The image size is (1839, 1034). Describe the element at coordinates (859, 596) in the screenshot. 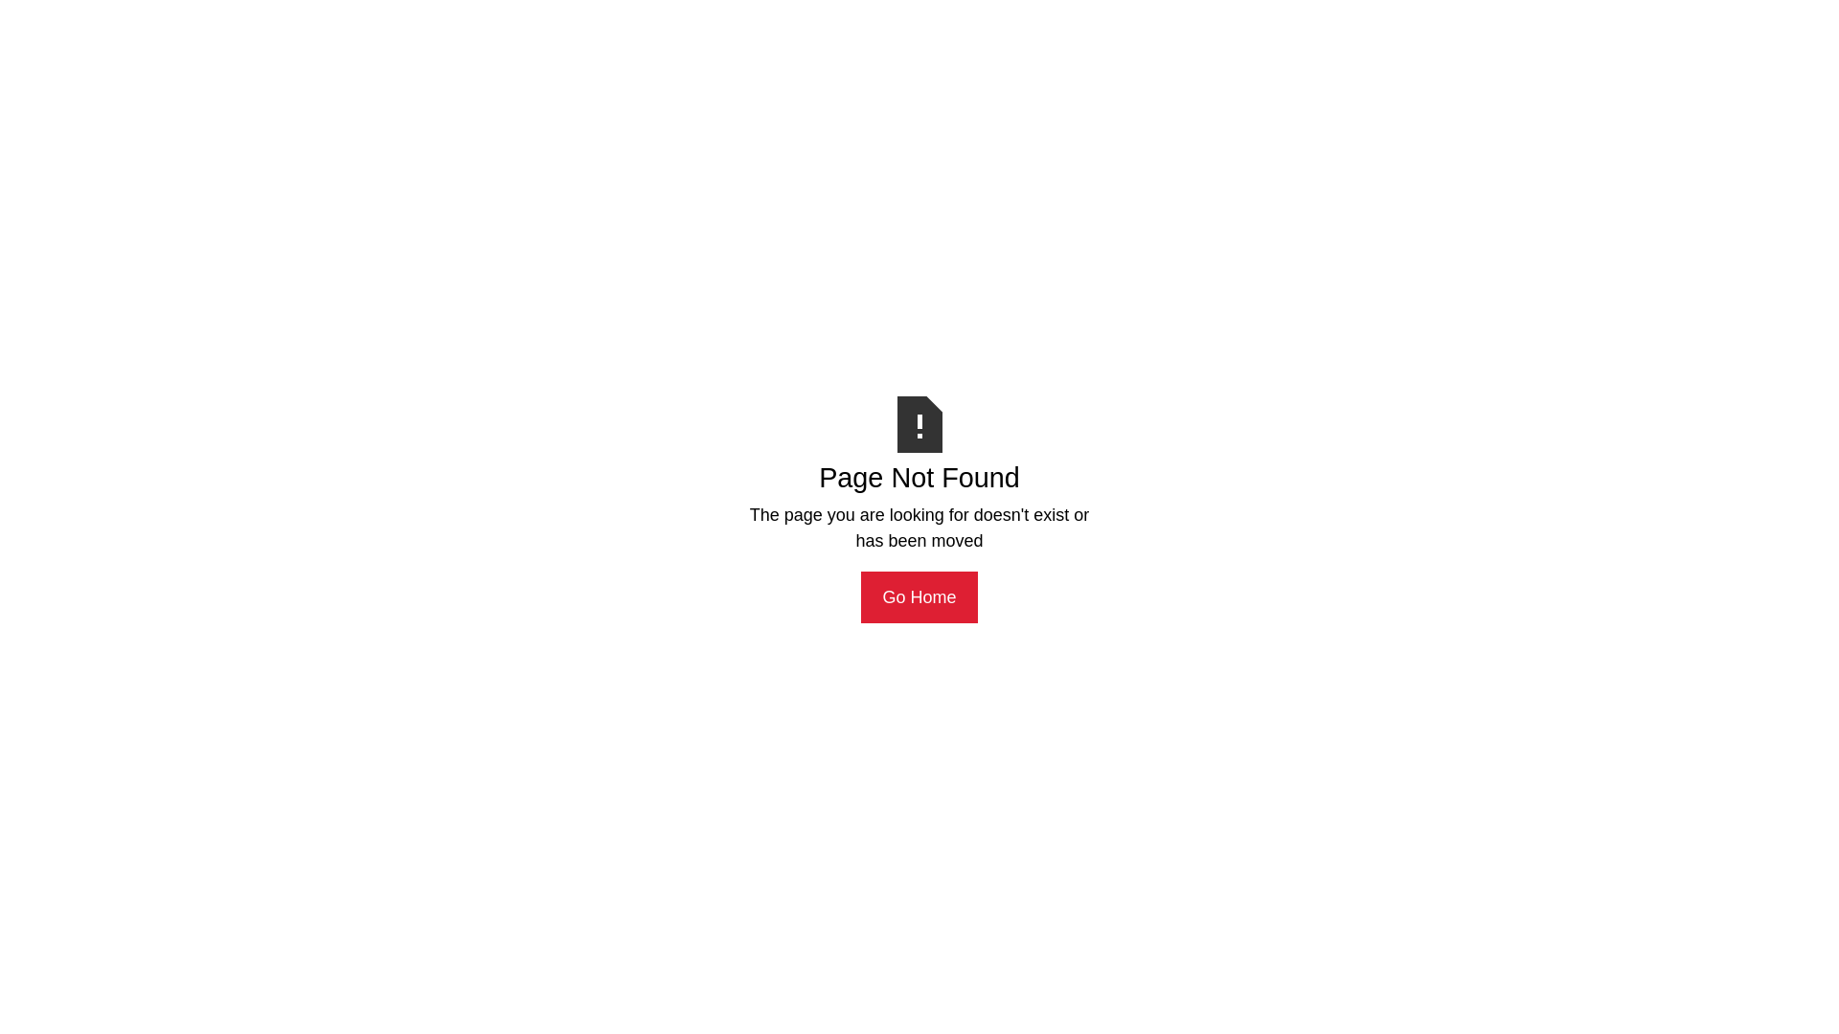

I see `'Go Home'` at that location.